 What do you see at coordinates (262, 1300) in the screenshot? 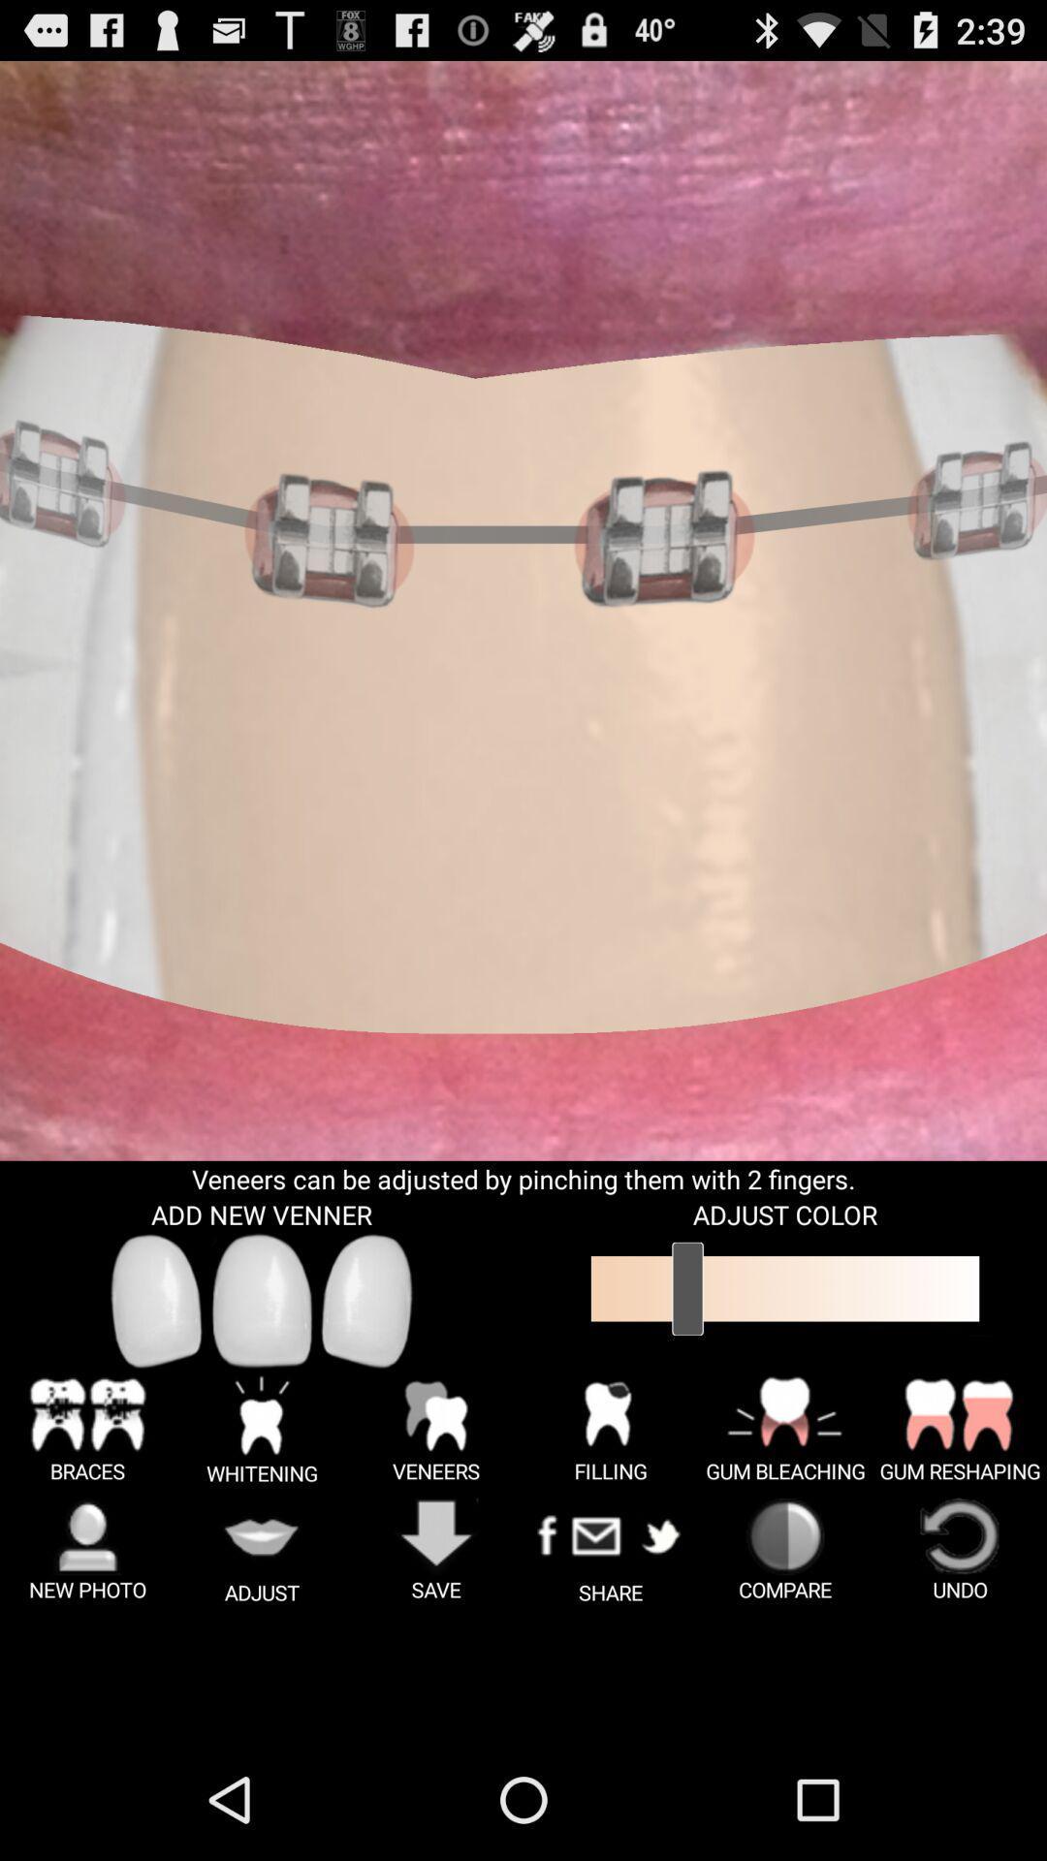
I see `center venner` at bounding box center [262, 1300].